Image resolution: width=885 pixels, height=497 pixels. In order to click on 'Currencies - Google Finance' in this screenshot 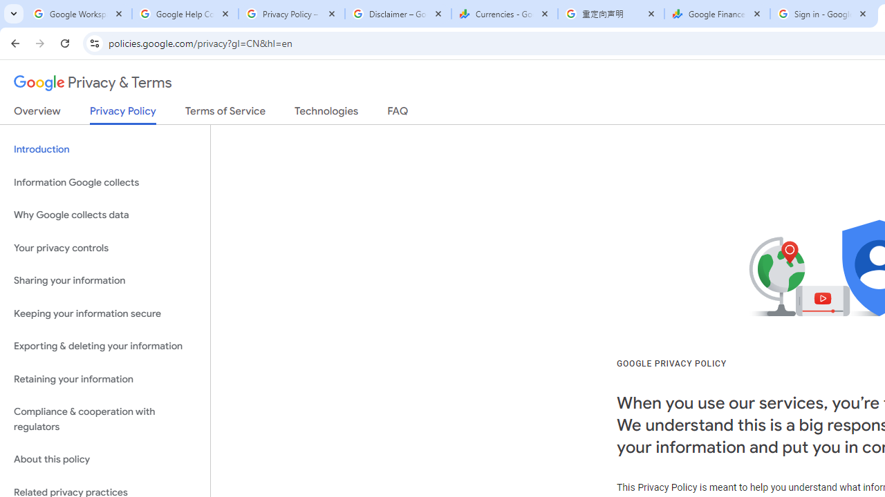, I will do `click(504, 14)`.